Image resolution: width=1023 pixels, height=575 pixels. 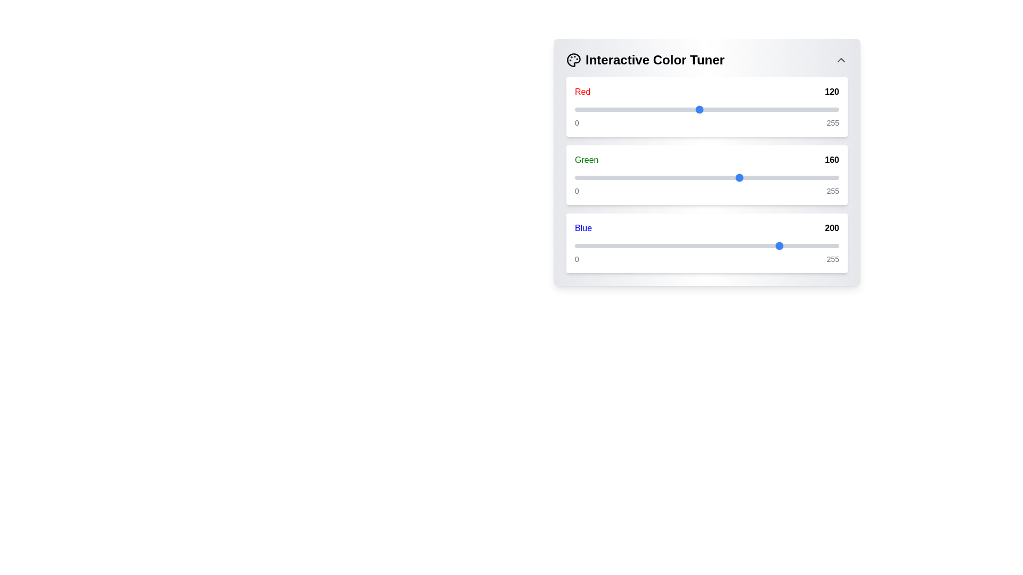 What do you see at coordinates (750, 246) in the screenshot?
I see `the Blue slider value` at bounding box center [750, 246].